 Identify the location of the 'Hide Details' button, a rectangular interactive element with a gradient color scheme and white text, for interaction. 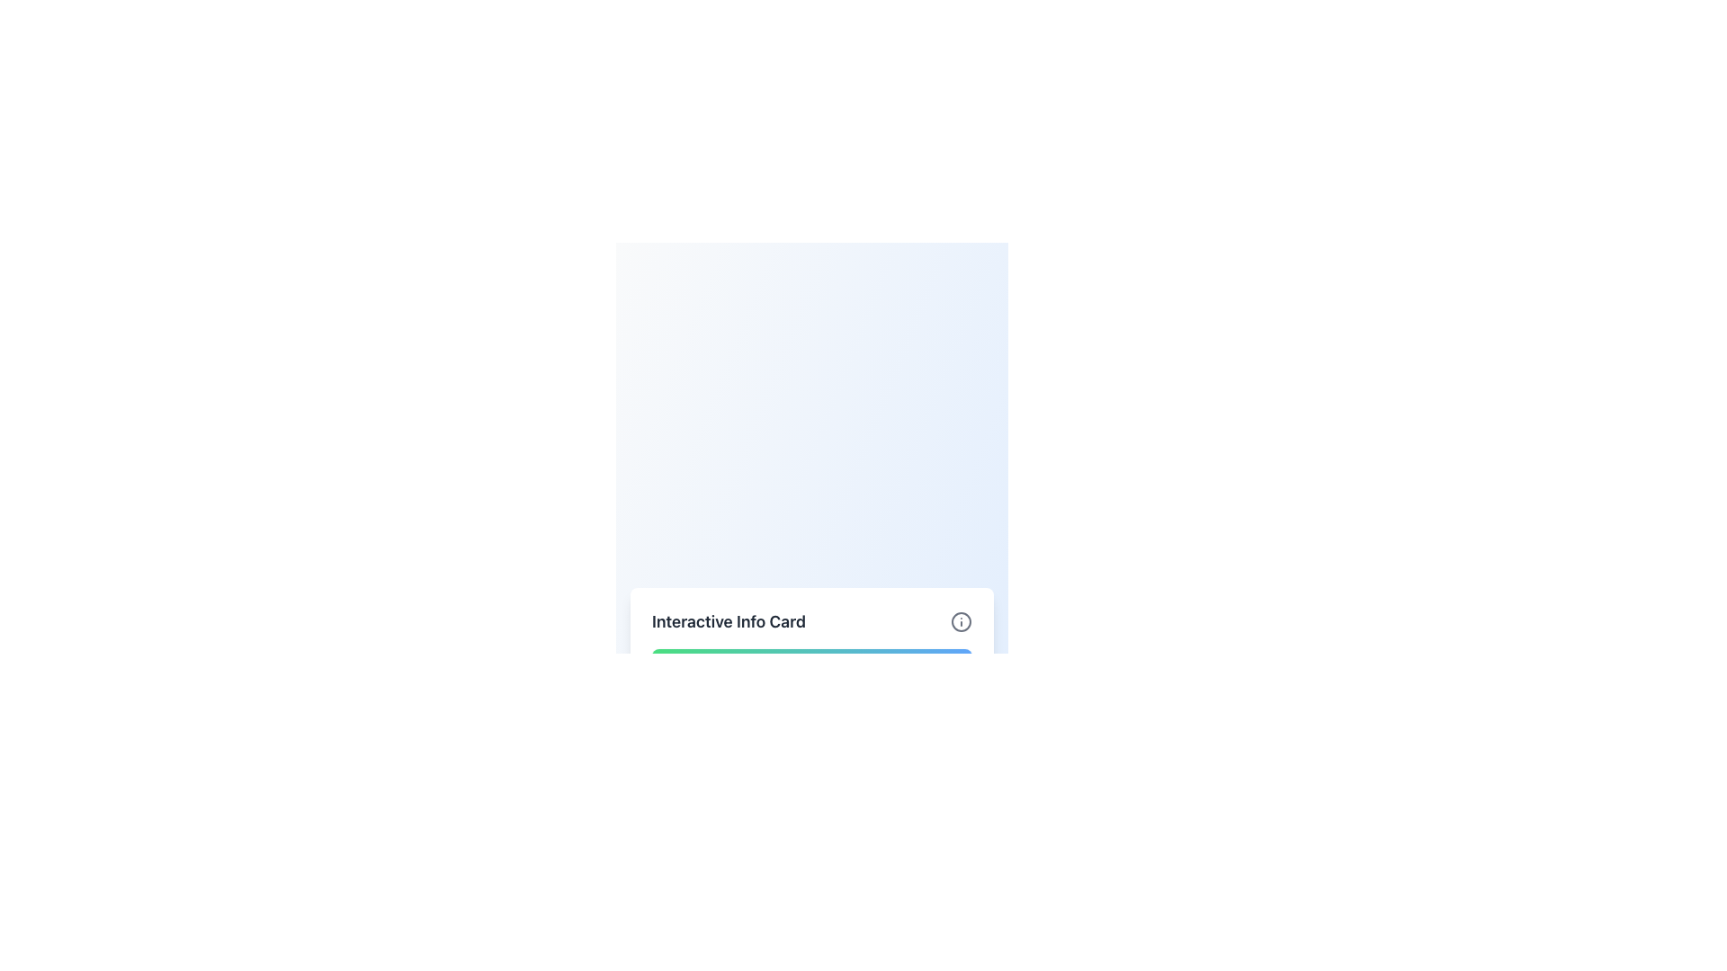
(810, 666).